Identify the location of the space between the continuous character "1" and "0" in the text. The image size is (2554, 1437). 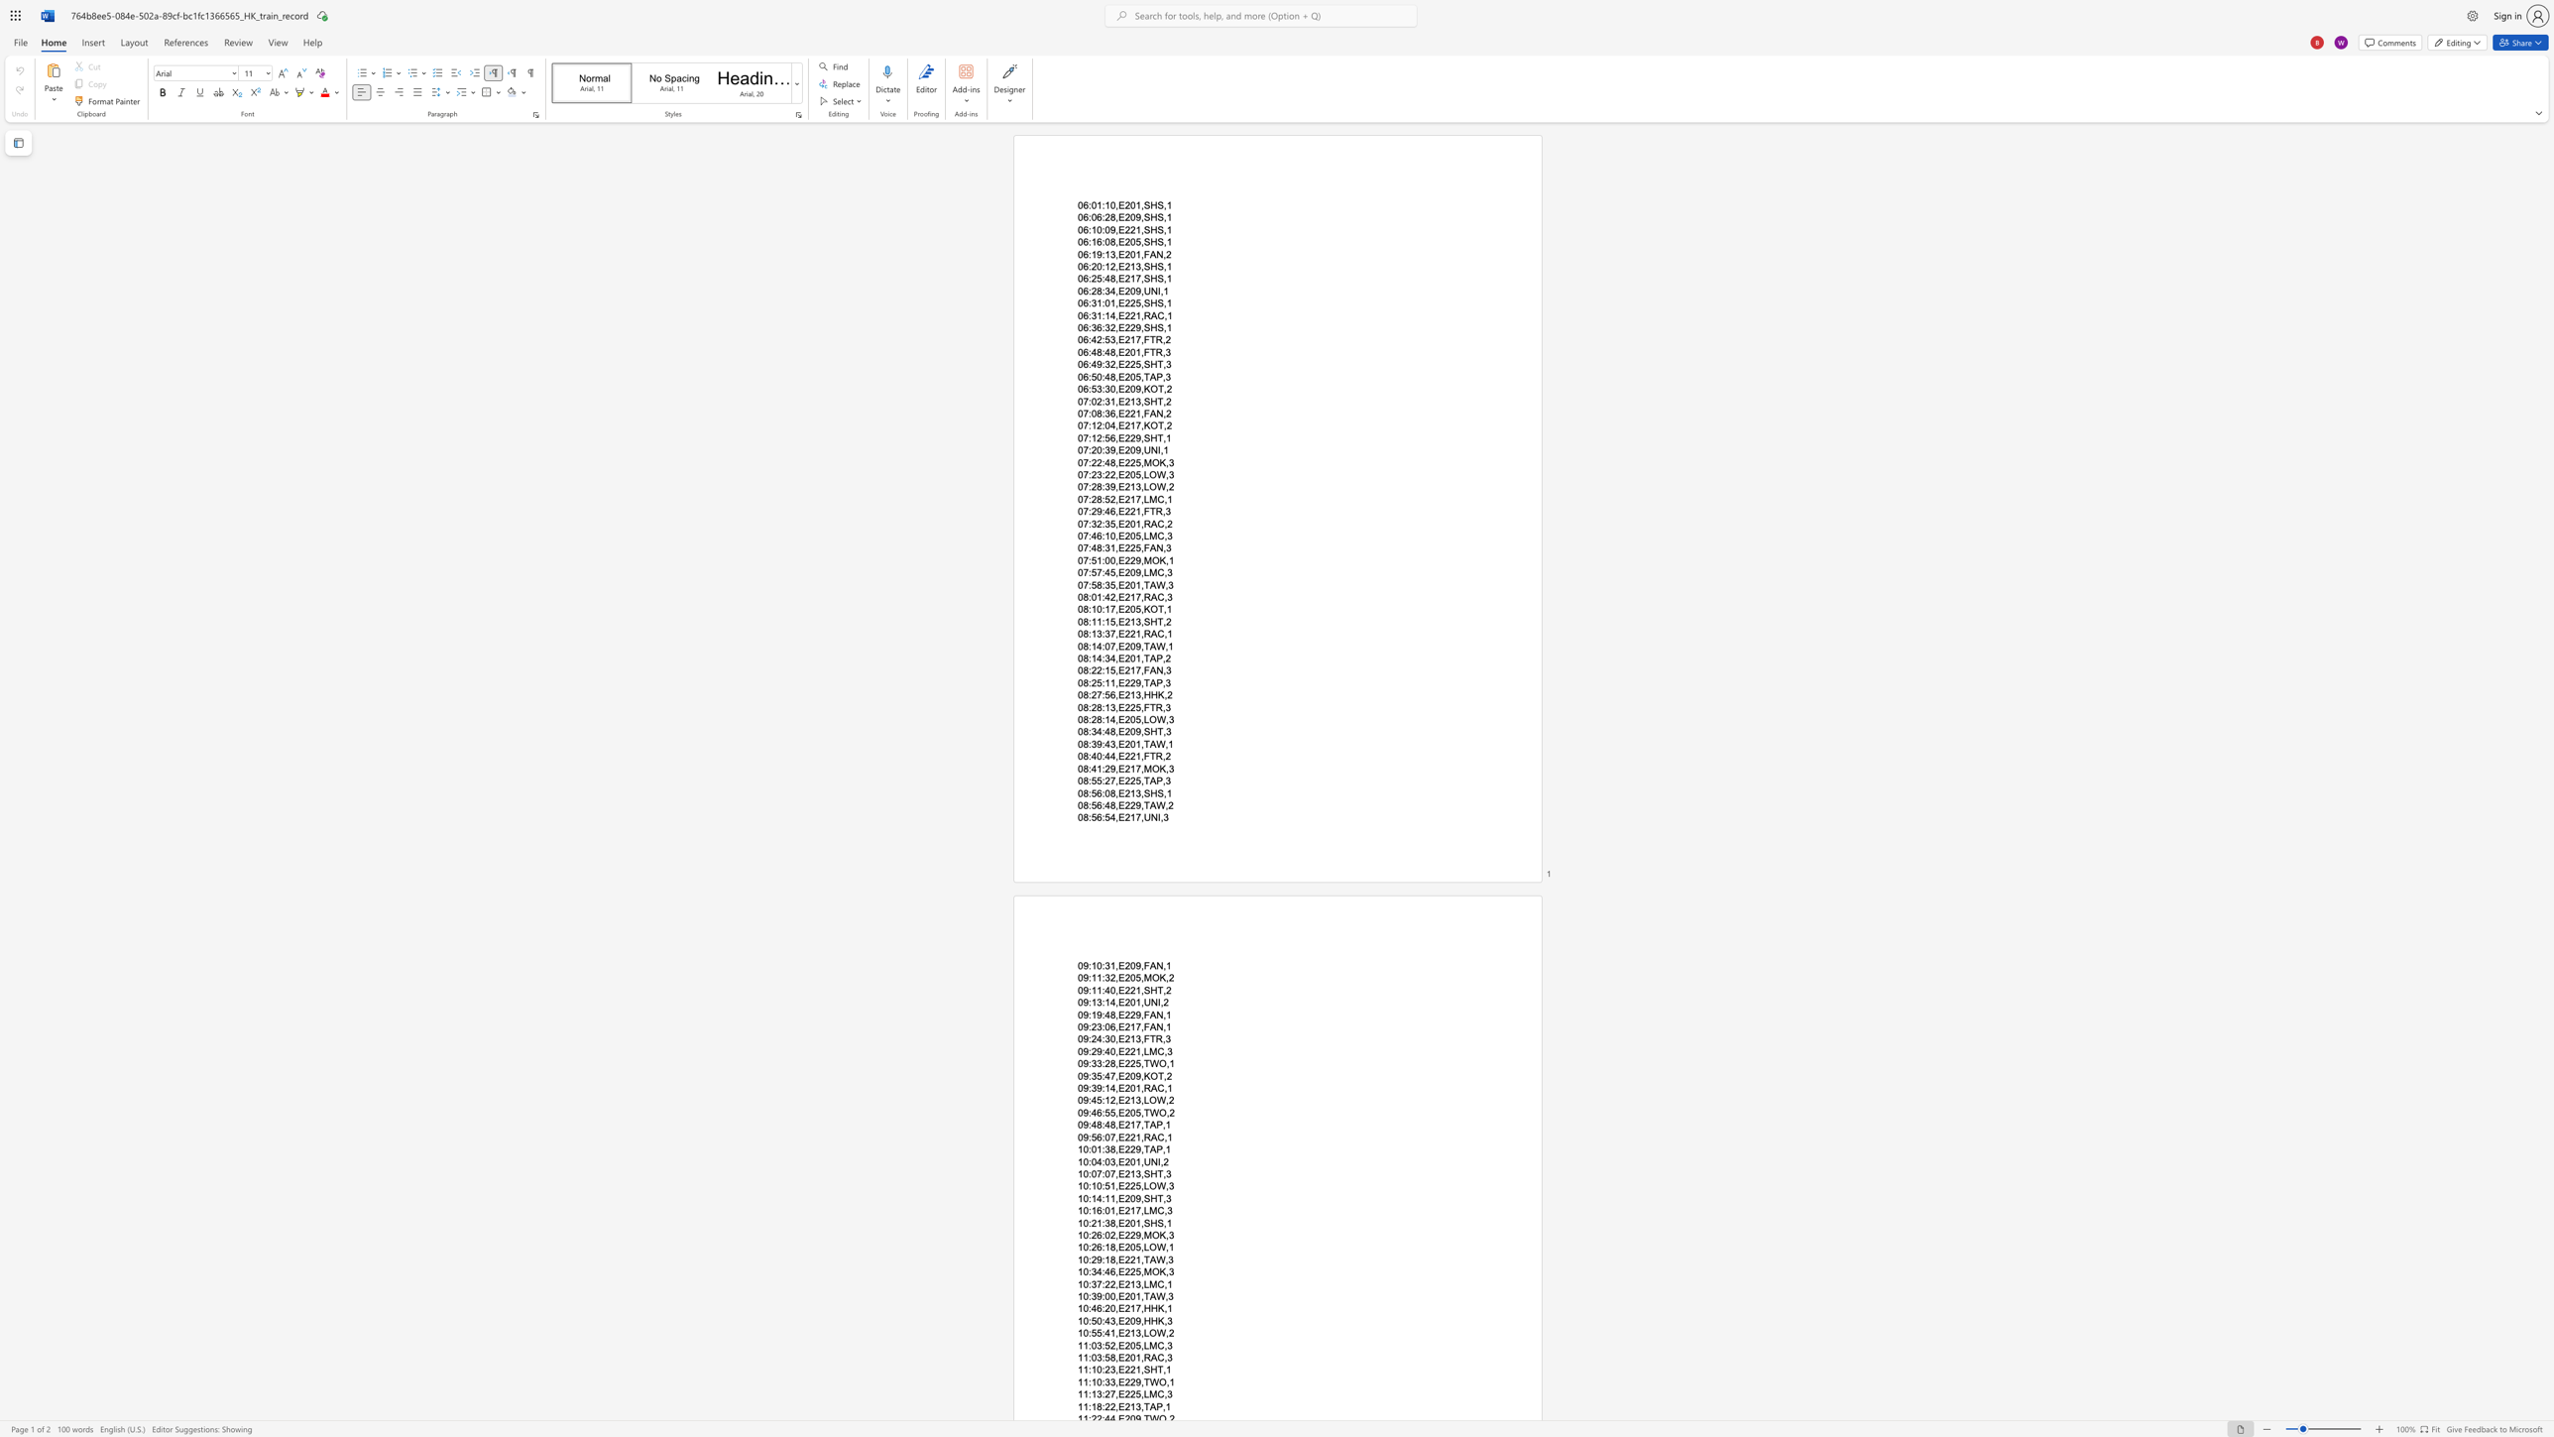
(1097, 1370).